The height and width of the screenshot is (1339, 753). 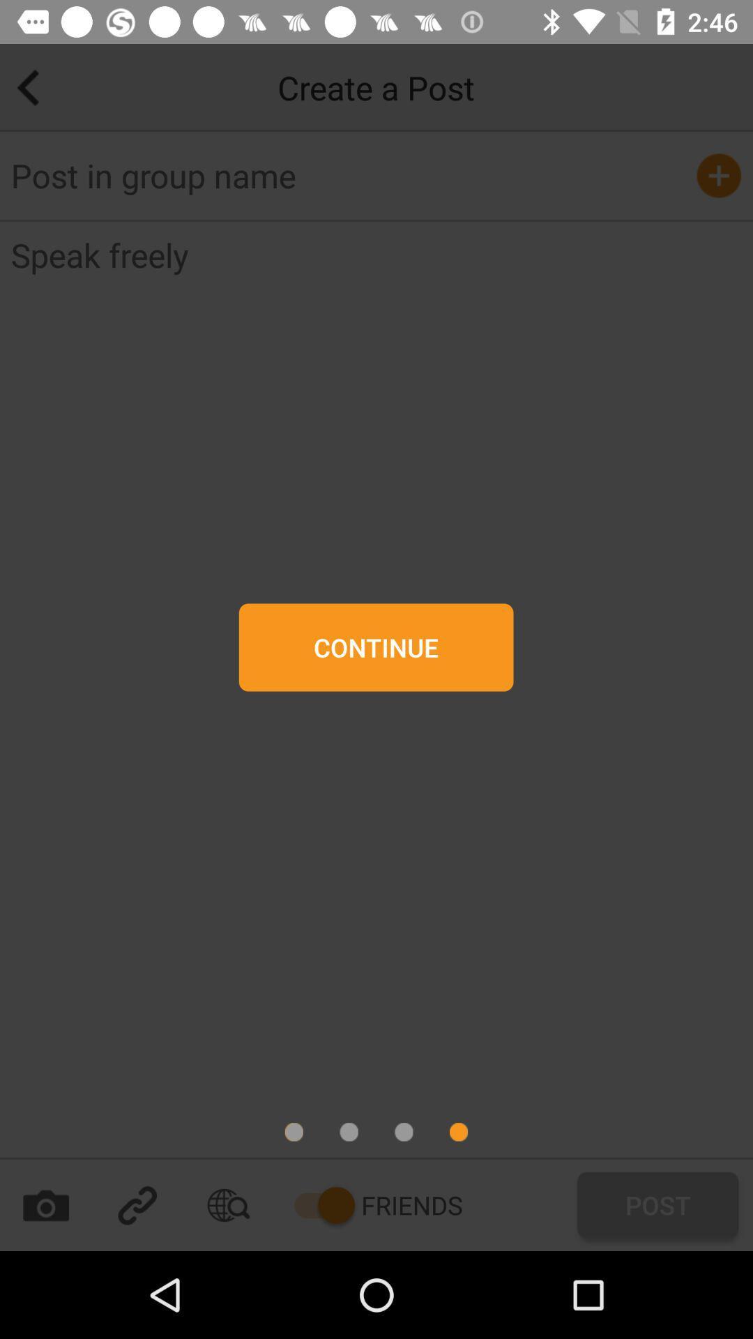 I want to click on continue button, so click(x=375, y=646).